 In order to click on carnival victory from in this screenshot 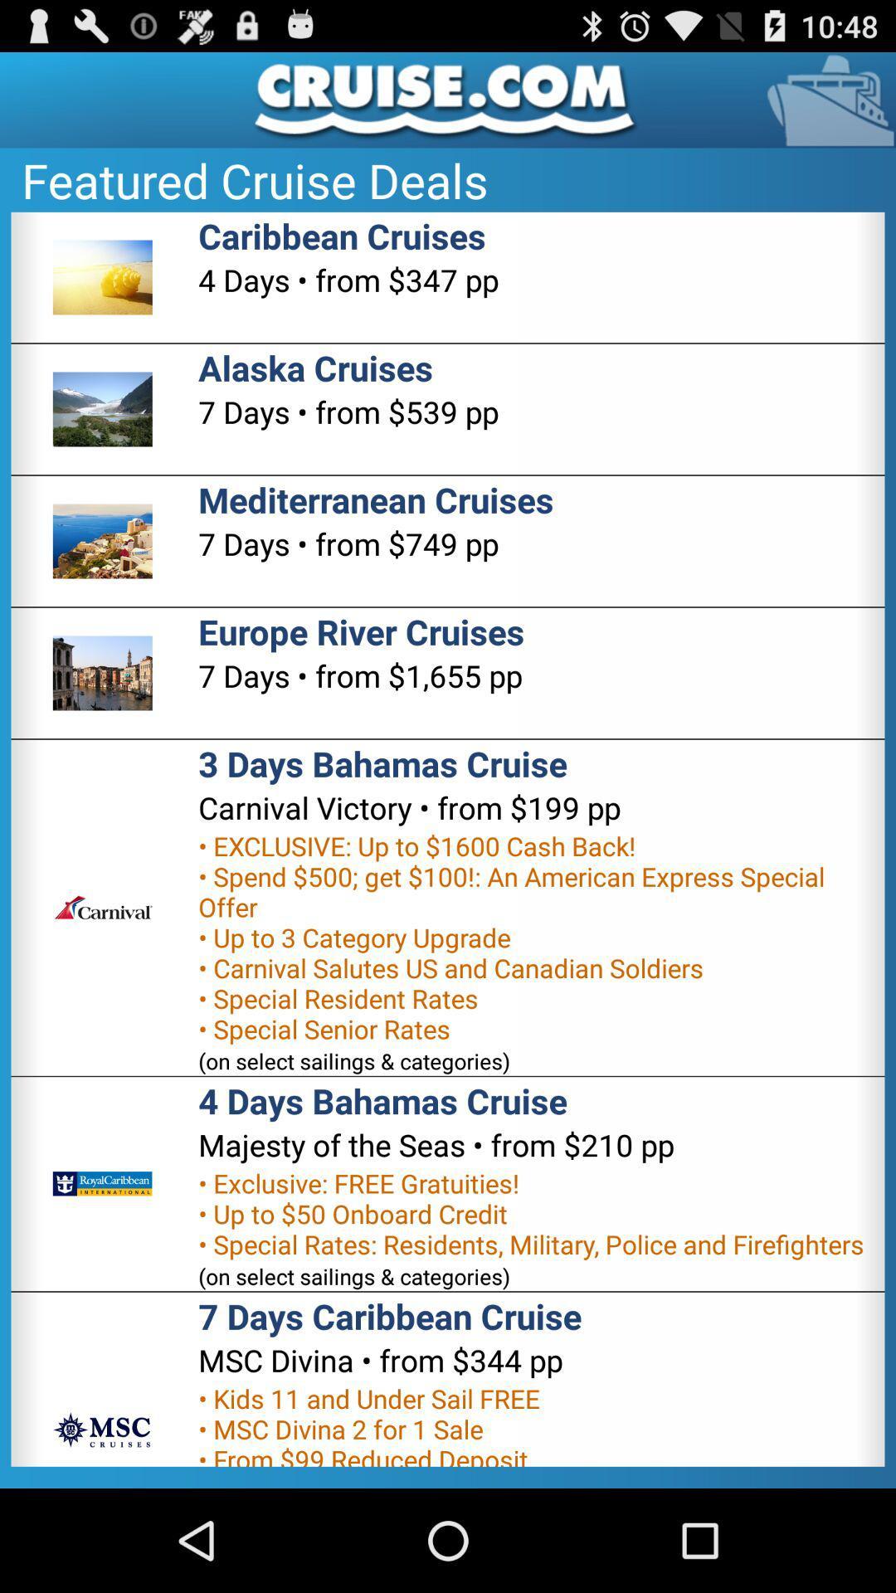, I will do `click(409, 807)`.